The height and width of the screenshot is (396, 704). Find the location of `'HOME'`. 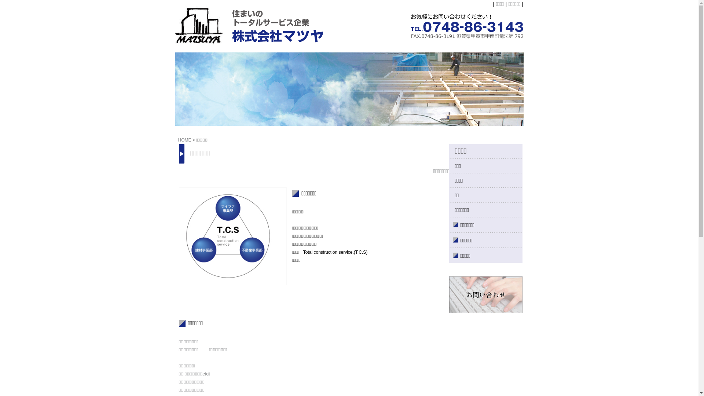

'HOME' is located at coordinates (185, 140).